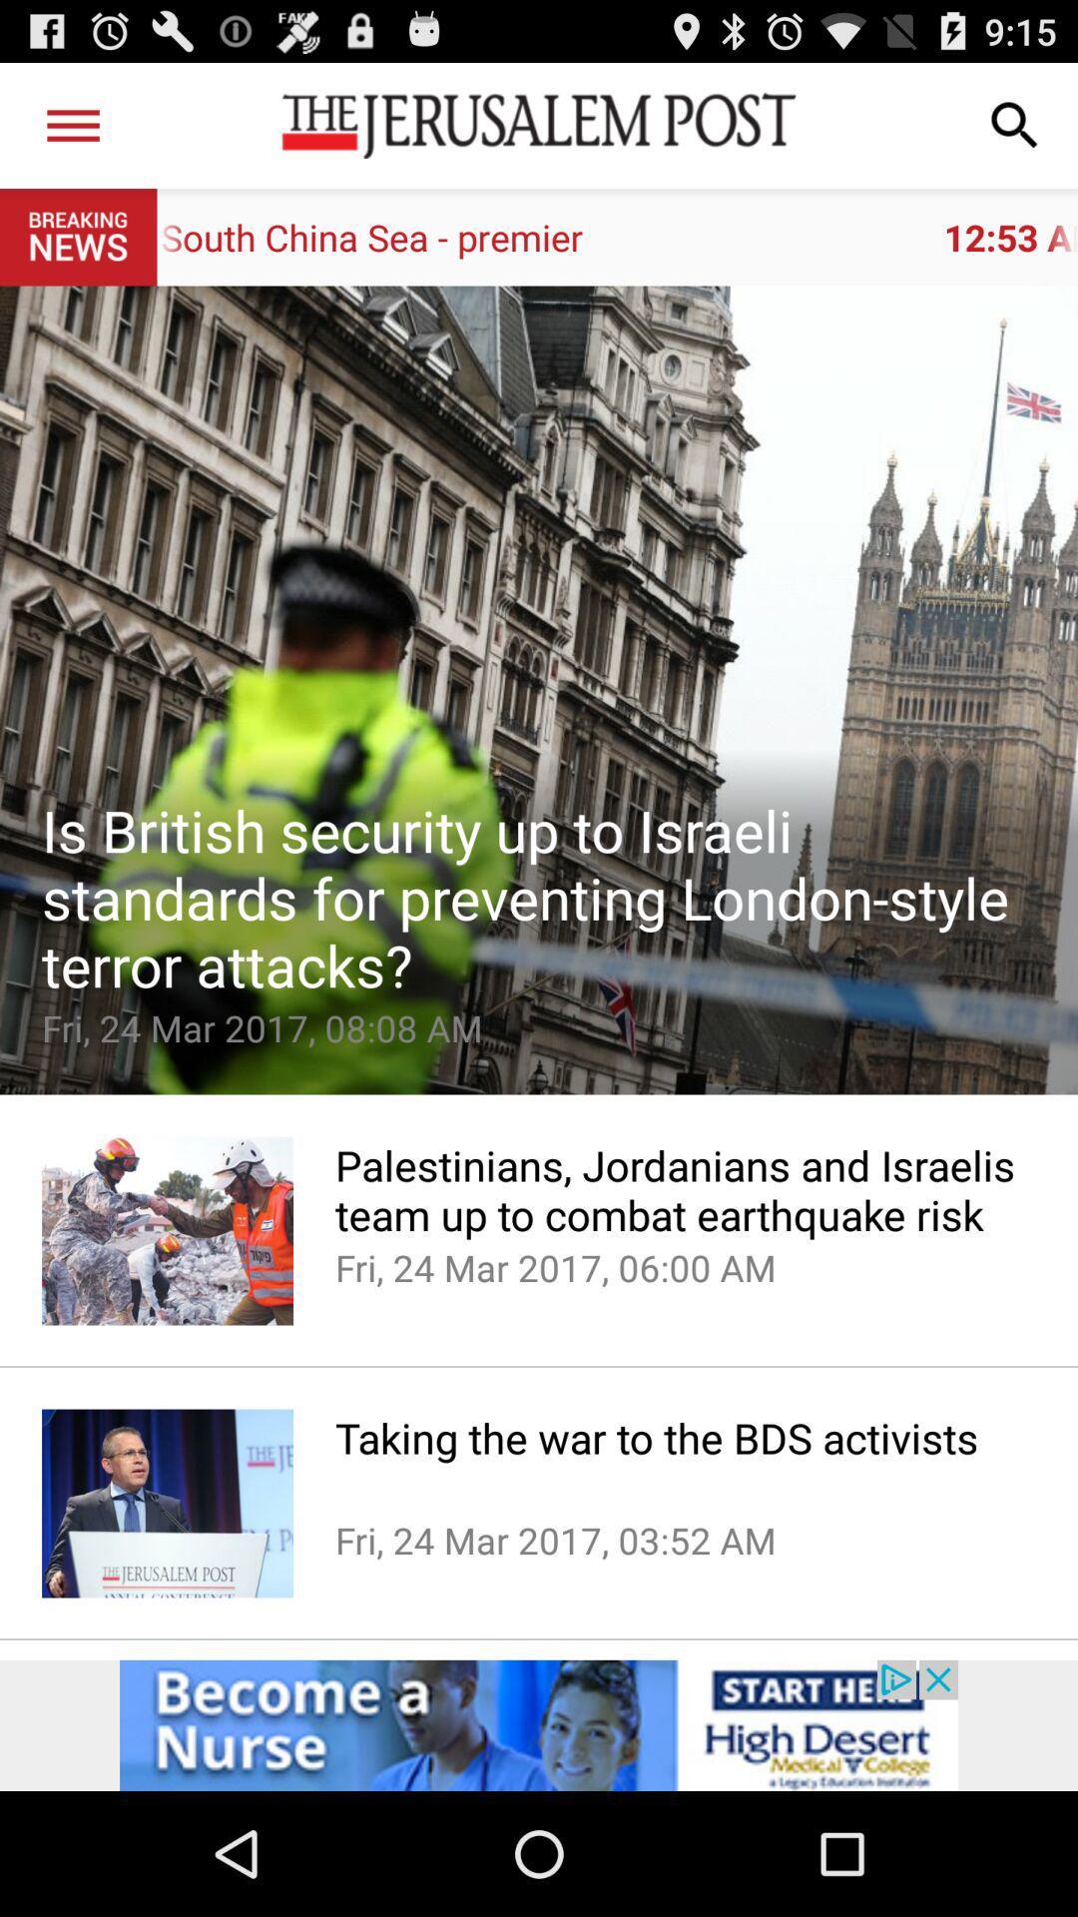 Image resolution: width=1078 pixels, height=1917 pixels. I want to click on it gives more link menu and sub menus, so click(72, 124).